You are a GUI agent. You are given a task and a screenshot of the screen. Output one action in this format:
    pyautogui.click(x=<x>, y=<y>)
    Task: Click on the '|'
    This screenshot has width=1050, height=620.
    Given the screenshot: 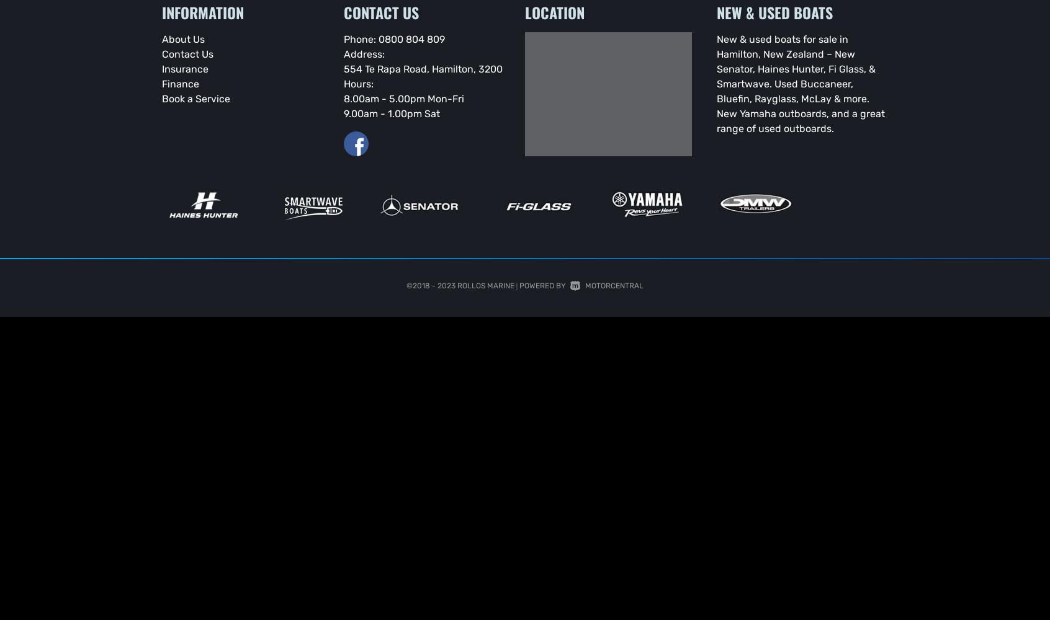 What is the action you would take?
    pyautogui.click(x=516, y=284)
    